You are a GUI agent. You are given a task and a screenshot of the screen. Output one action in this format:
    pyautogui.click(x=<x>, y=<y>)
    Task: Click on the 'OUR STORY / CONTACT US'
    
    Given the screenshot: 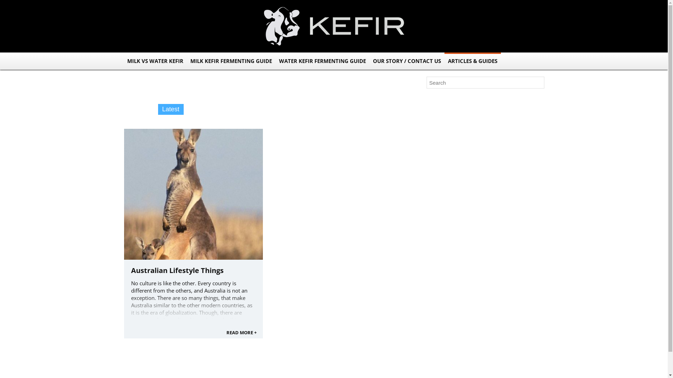 What is the action you would take?
    pyautogui.click(x=369, y=61)
    